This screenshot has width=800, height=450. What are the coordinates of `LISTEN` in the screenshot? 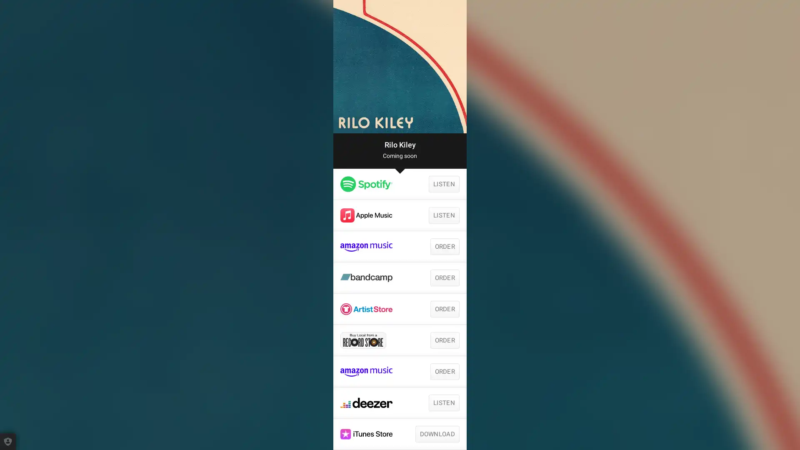 It's located at (443, 184).